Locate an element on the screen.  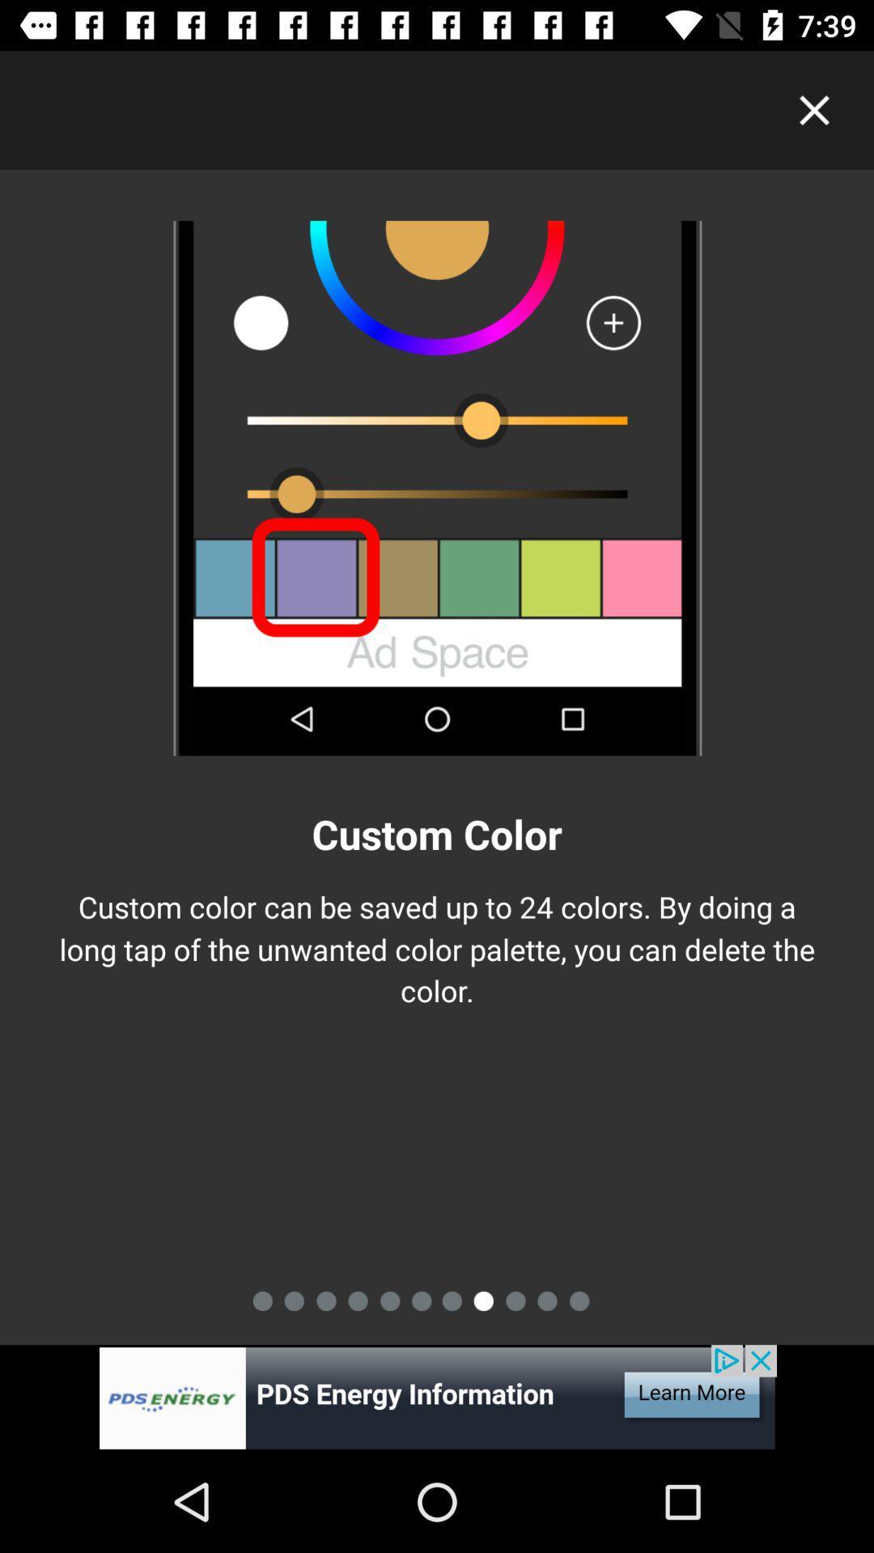
the tutorial is located at coordinates (814, 109).